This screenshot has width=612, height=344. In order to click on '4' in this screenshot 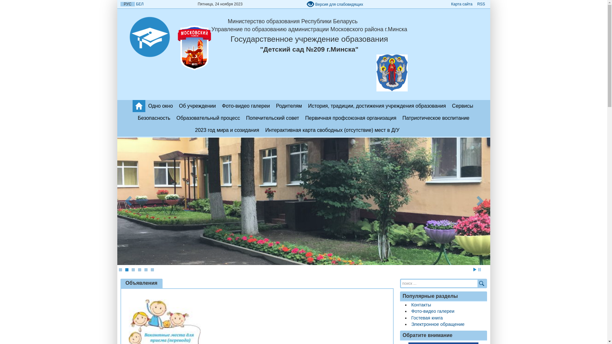, I will do `click(137, 270)`.